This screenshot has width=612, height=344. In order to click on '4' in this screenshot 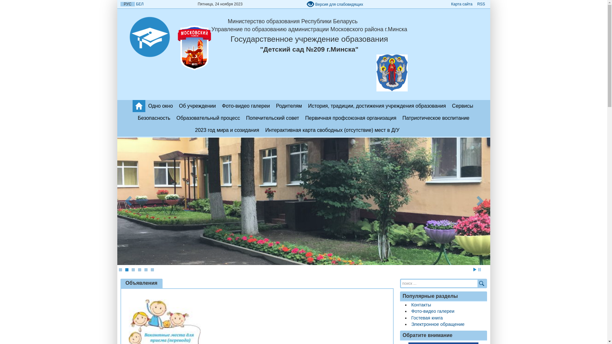, I will do `click(137, 270)`.